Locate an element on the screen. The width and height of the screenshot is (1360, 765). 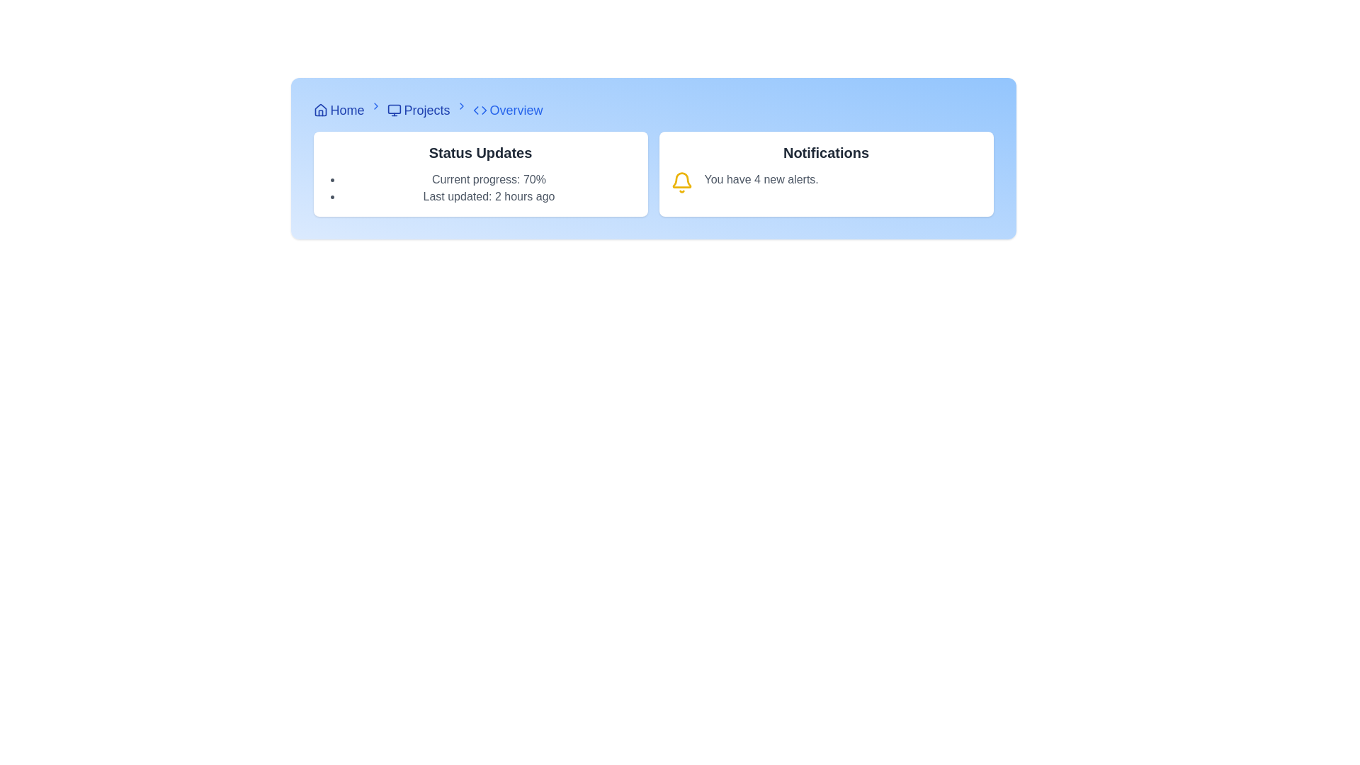
the 'Last updated: 2 hours ago' label, which is the second item in the bullet-pointed list located in the 'Status Updates' section is located at coordinates (489, 196).